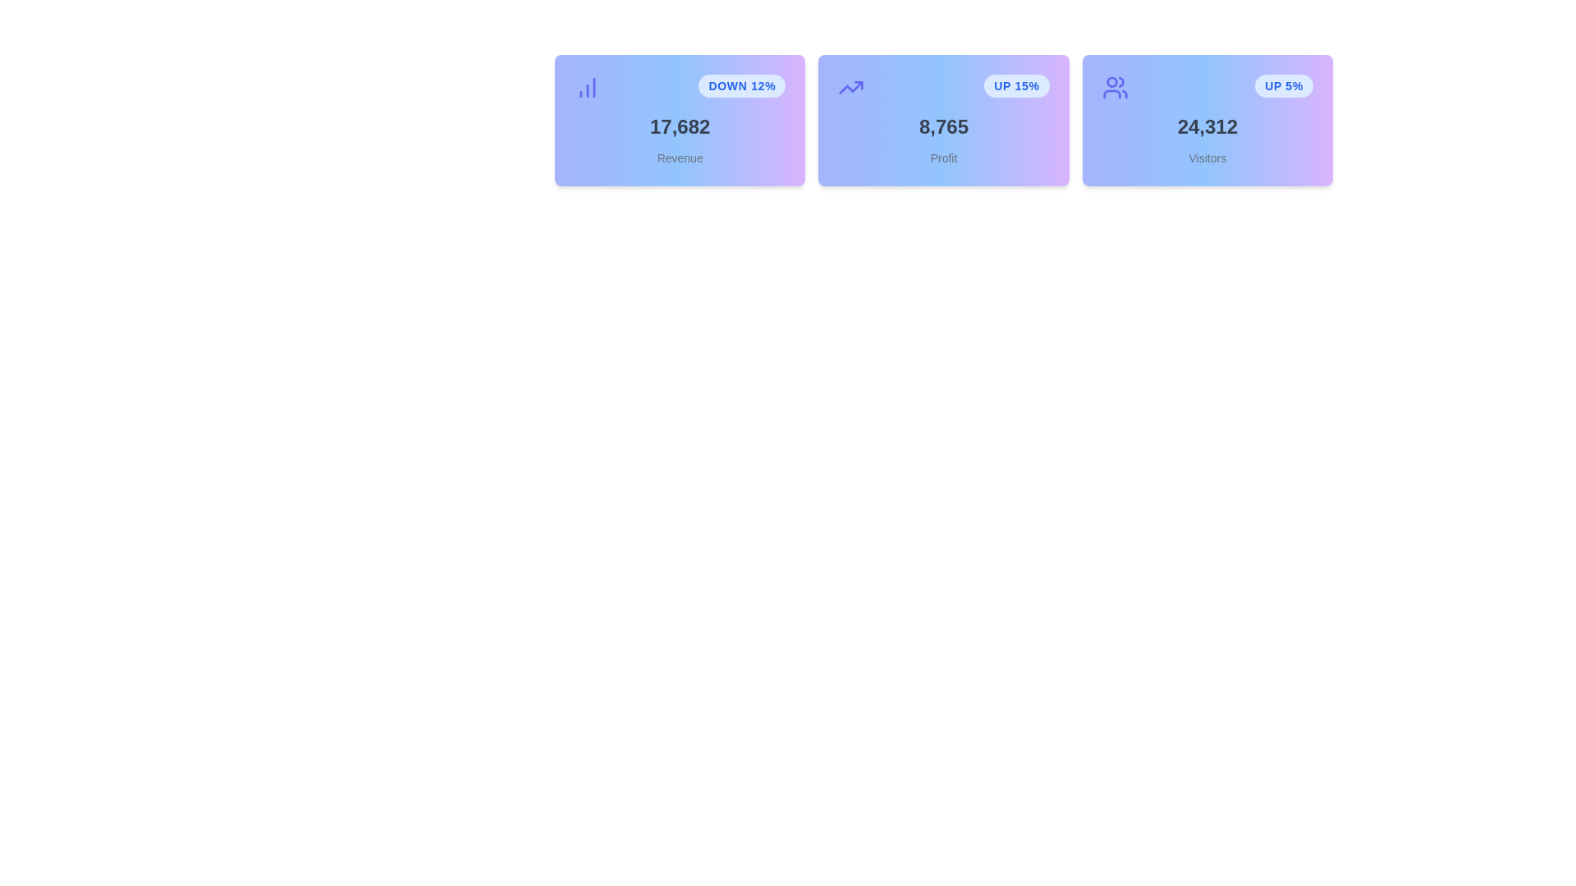 The height and width of the screenshot is (886, 1576). I want to click on the middle summary panel of the Dashboard widget, which features a gradient background and contains numerical data and labels such as Revenue and Profit, so click(944, 119).